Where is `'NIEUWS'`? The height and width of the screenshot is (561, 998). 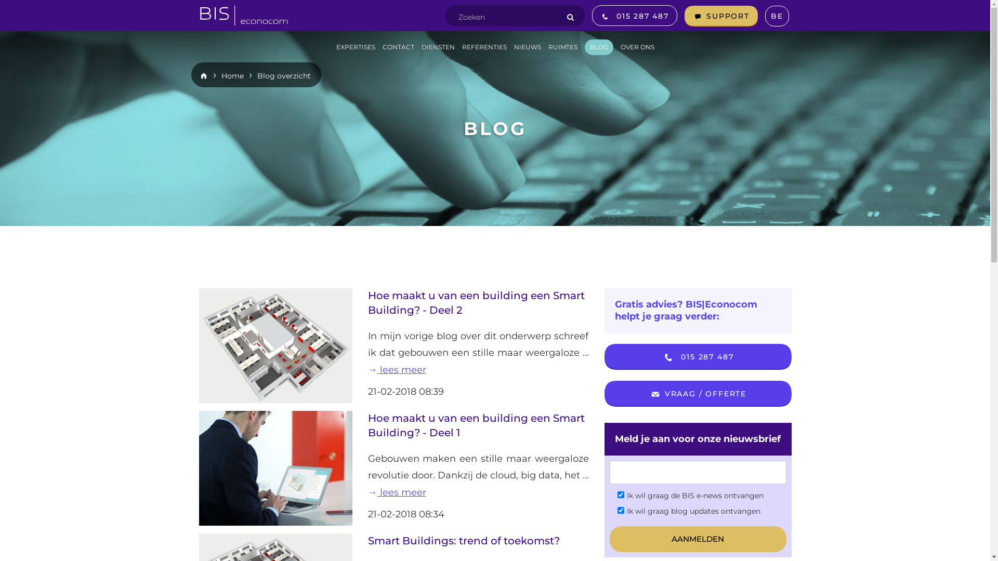
'NIEUWS' is located at coordinates (514, 47).